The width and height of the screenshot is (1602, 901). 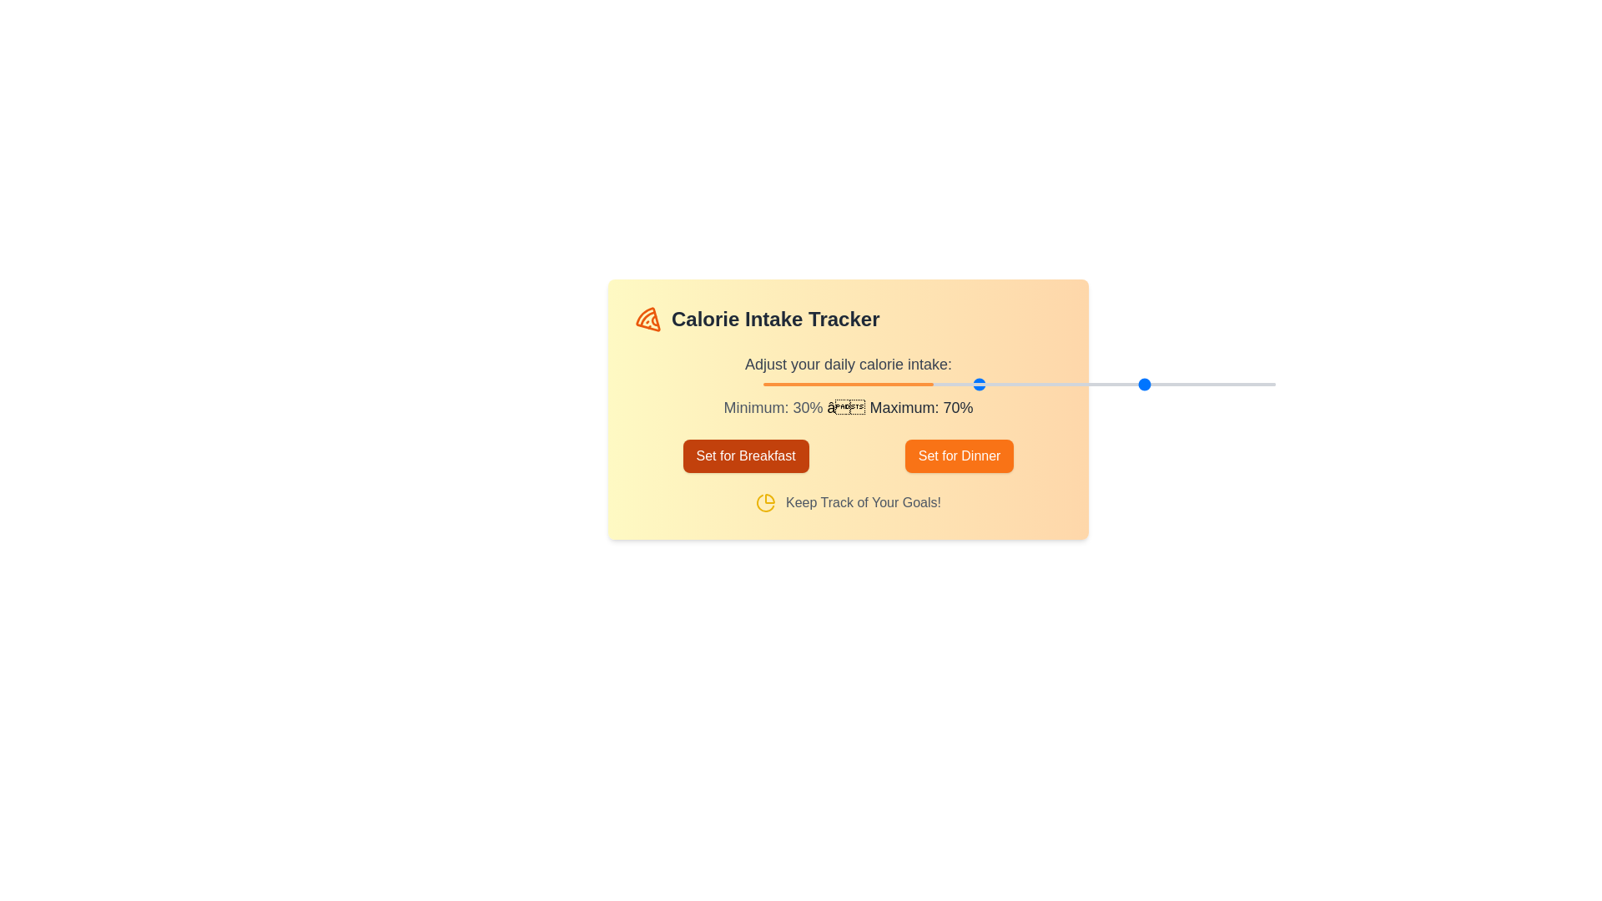 I want to click on the design and decorative icon located in the top-left region of the panel, which enhances the graphical representation of the header text, so click(x=654, y=320).